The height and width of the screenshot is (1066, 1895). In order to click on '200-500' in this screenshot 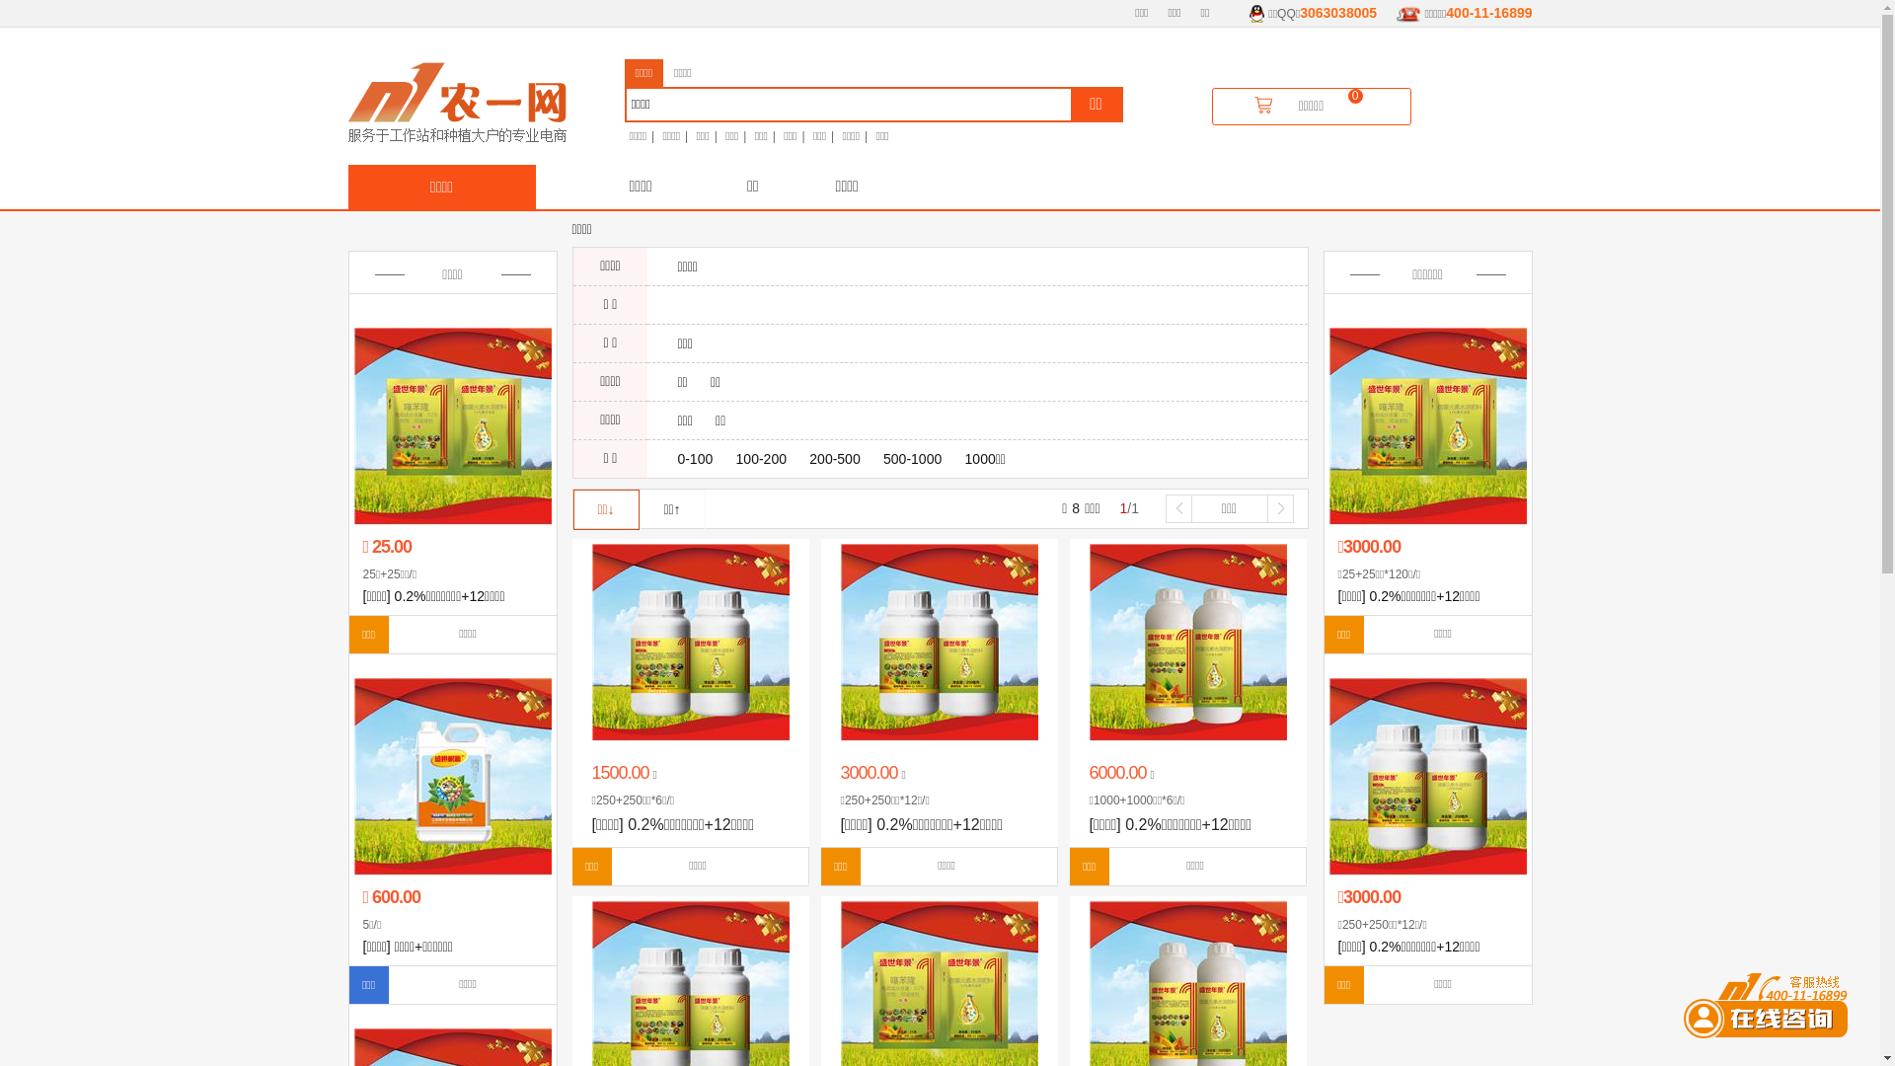, I will do `click(834, 459)`.